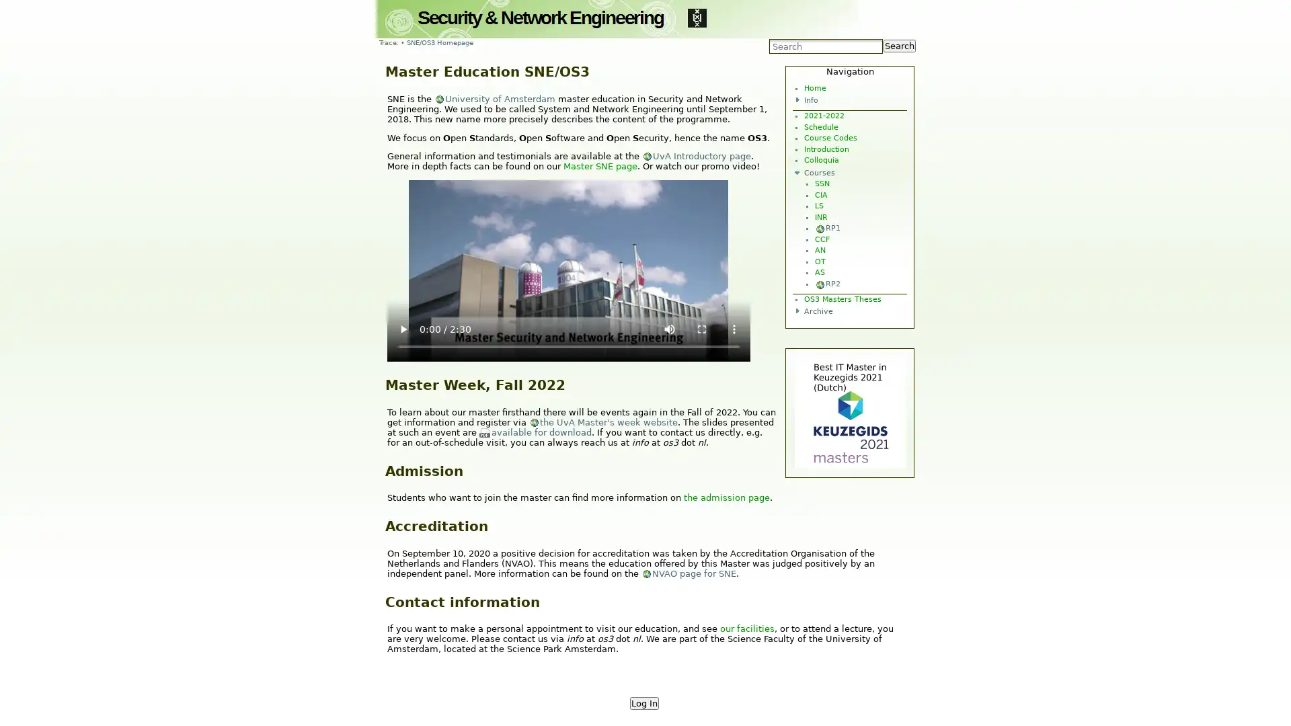  What do you see at coordinates (700, 329) in the screenshot?
I see `enter full screen` at bounding box center [700, 329].